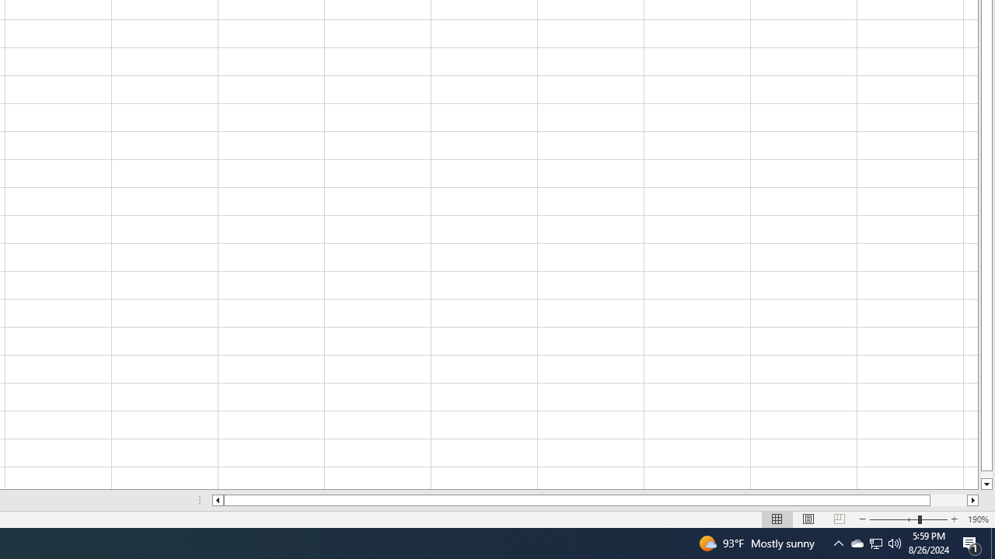  Describe the element at coordinates (838, 519) in the screenshot. I see `'Page Break Preview'` at that location.